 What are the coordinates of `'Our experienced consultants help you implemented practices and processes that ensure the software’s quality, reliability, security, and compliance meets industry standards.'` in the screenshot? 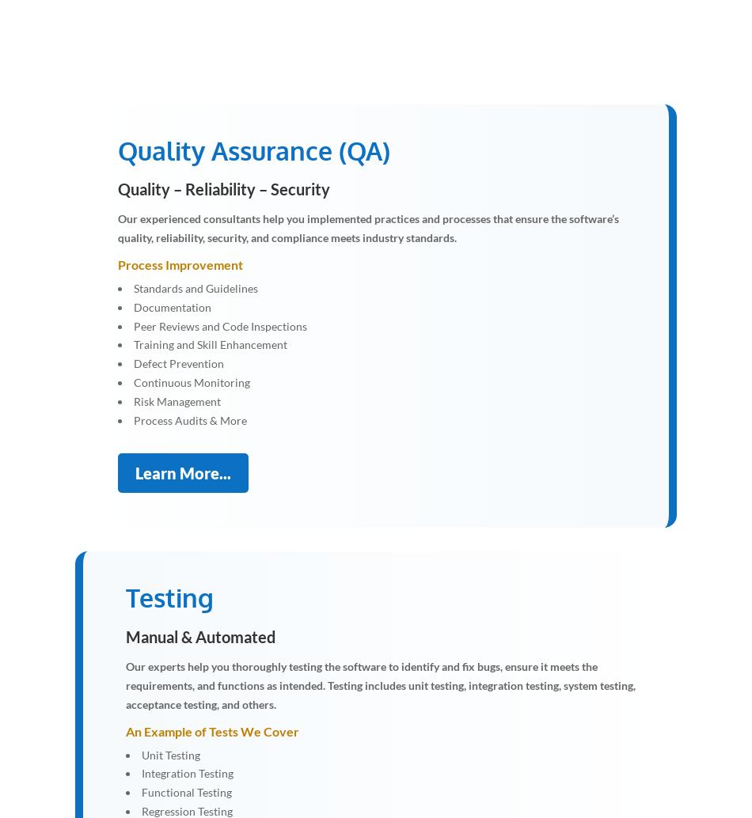 It's located at (367, 227).